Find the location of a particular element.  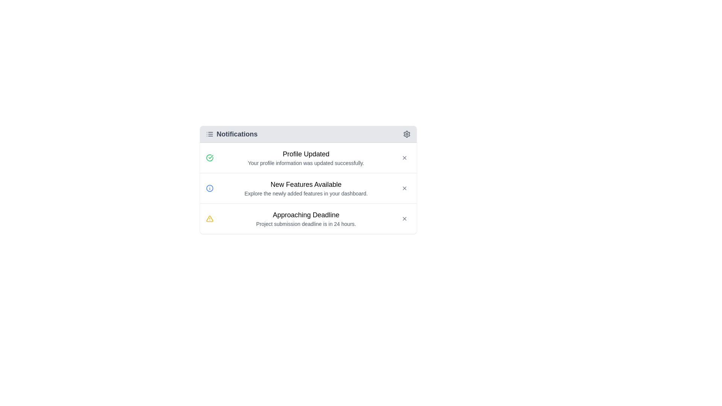

the notification titled 'Approaching Deadline' which is the third item in the notification list is located at coordinates (306, 219).